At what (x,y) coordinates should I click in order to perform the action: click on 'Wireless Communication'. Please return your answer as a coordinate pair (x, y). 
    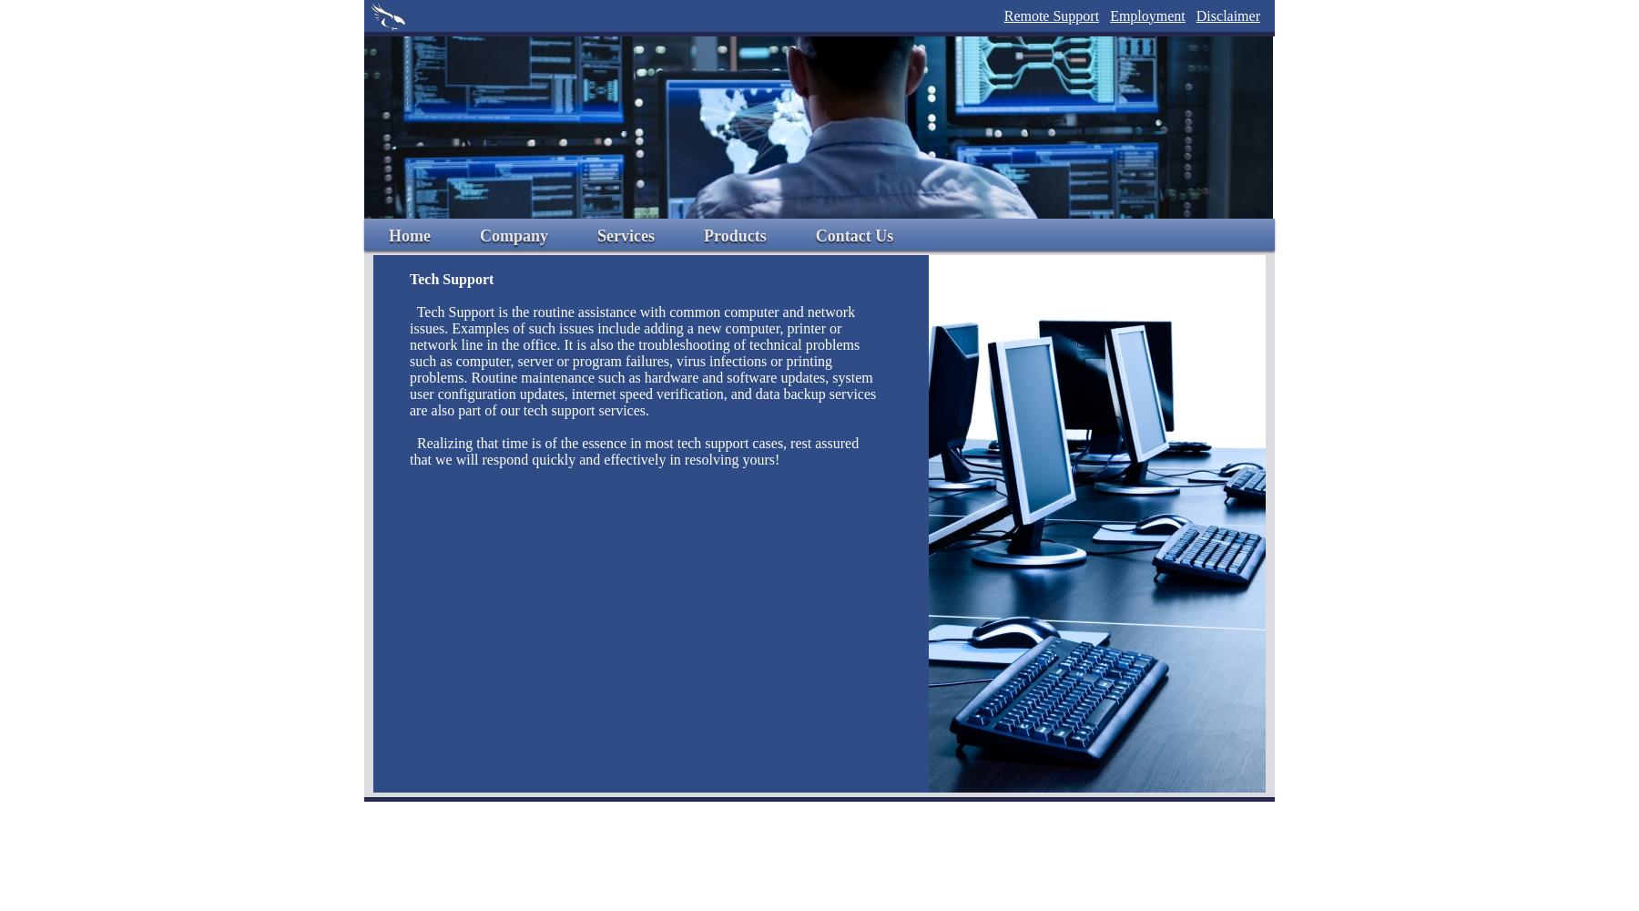
    Looking at the image, I should click on (598, 336).